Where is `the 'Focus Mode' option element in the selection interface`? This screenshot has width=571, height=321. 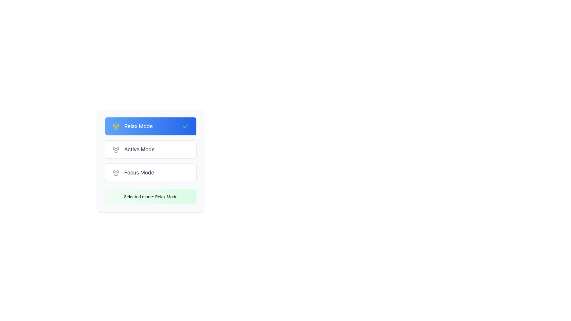 the 'Focus Mode' option element in the selection interface is located at coordinates (133, 173).